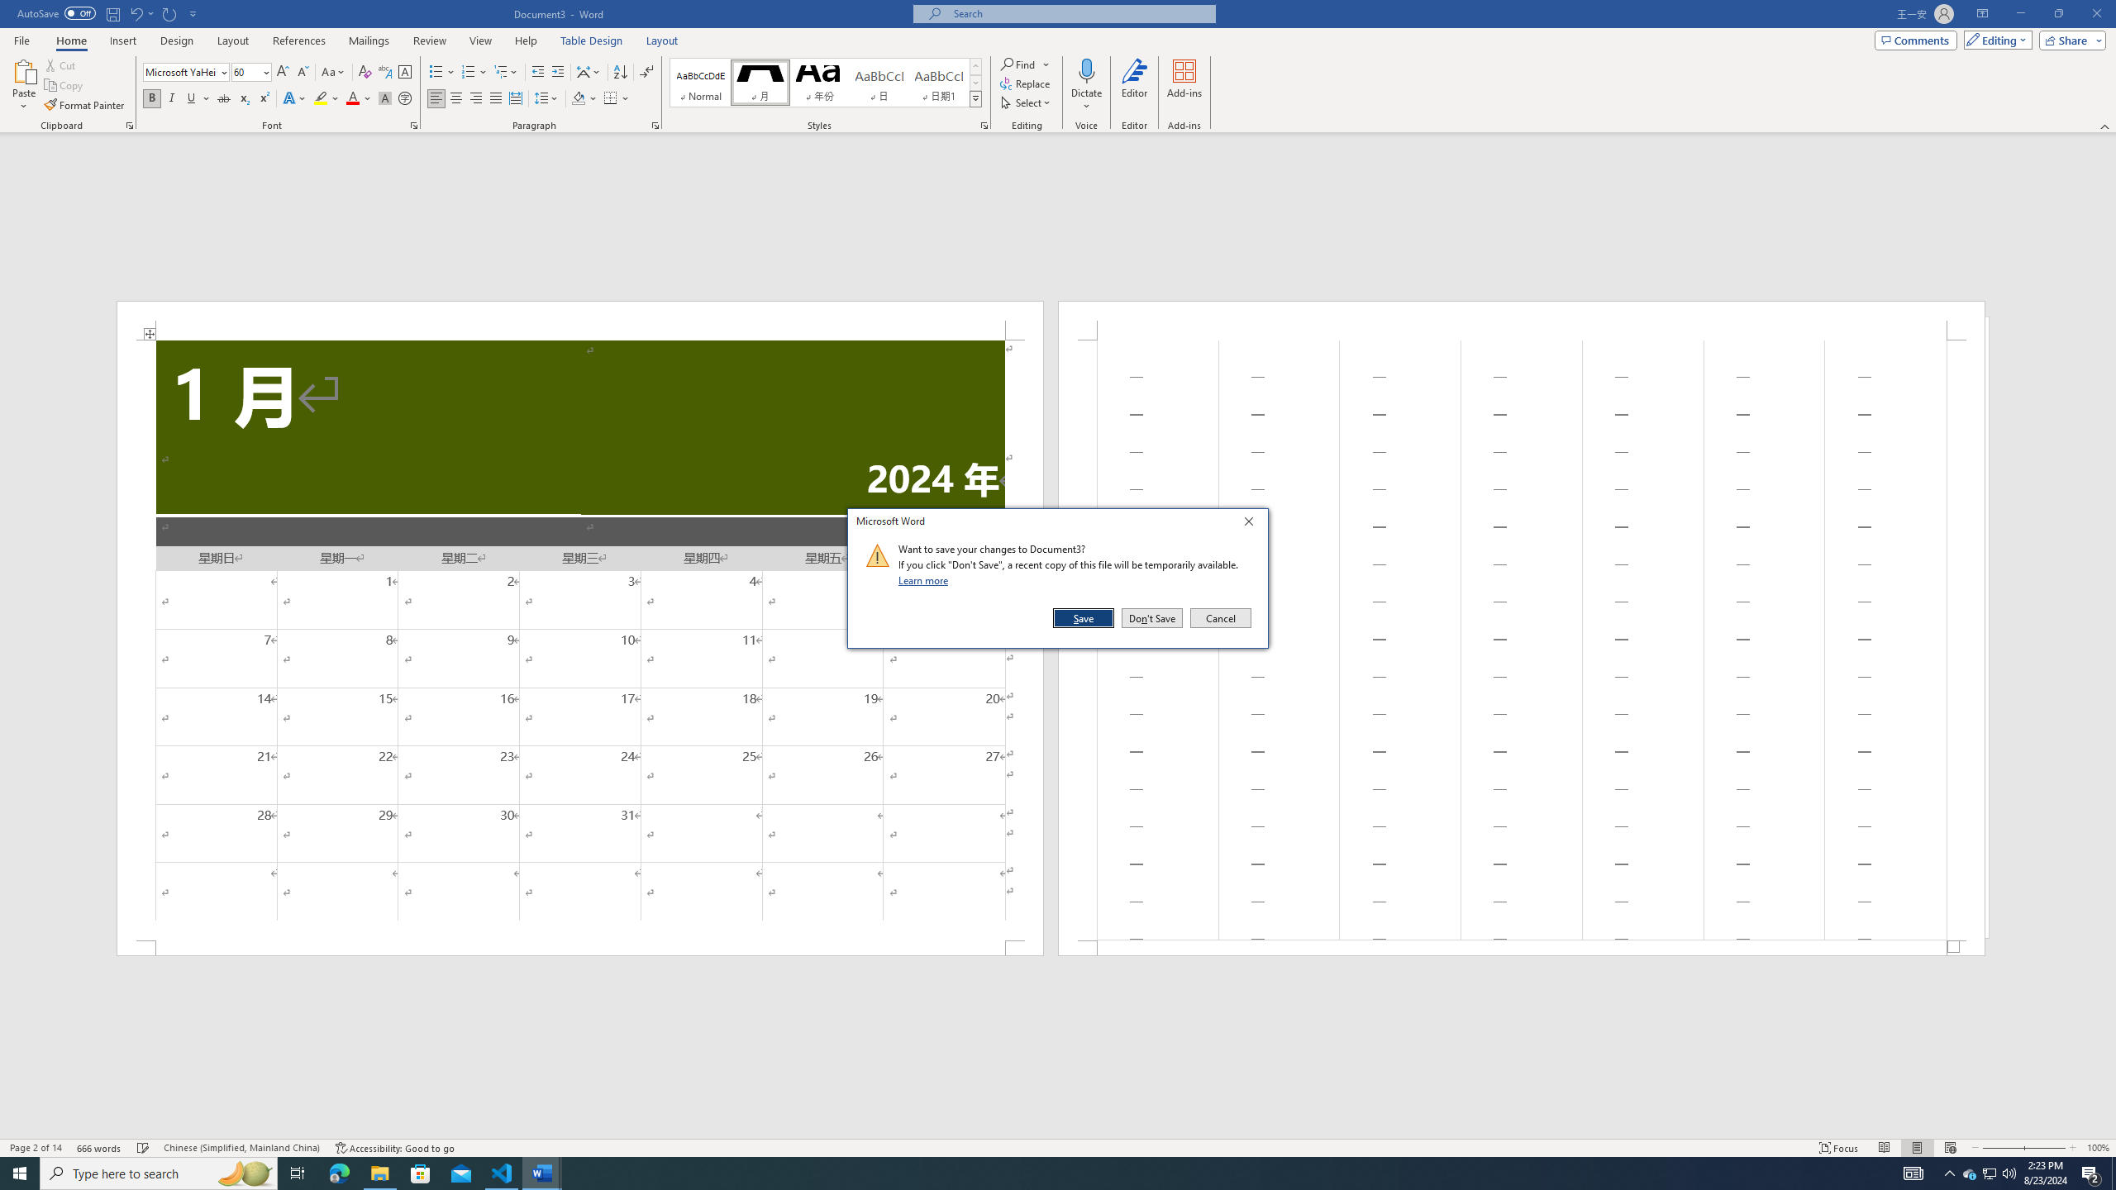  I want to click on 'Show desktop', so click(2113, 1172).